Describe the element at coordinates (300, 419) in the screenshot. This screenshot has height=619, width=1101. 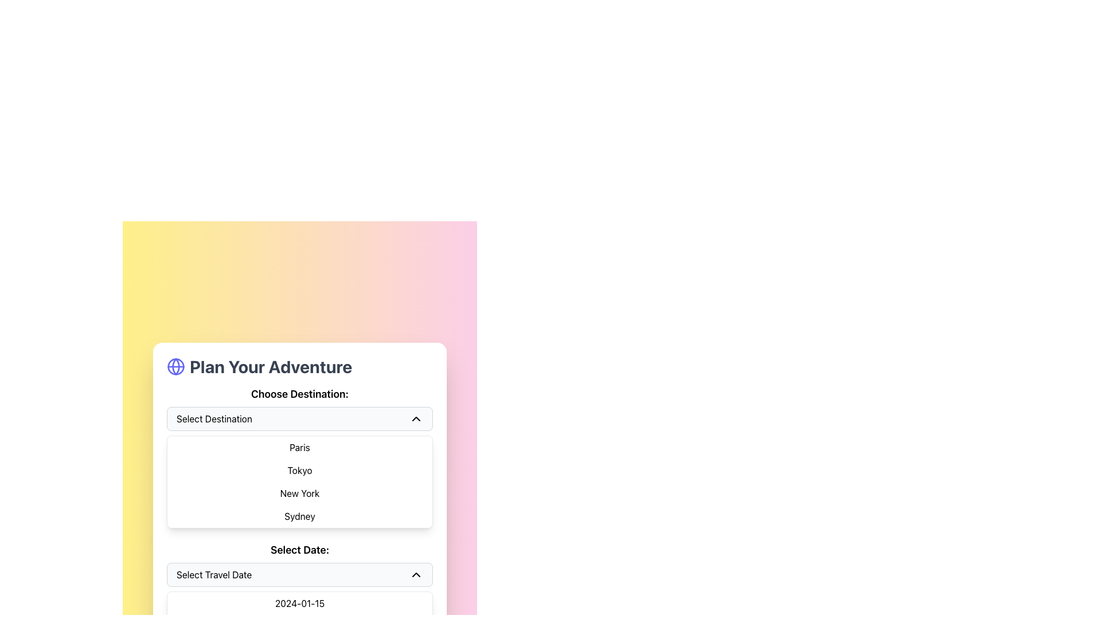
I see `the dropdown for selecting destinations located below the label 'Choose Destination:' and perform keyboard navigation to open the options list` at that location.